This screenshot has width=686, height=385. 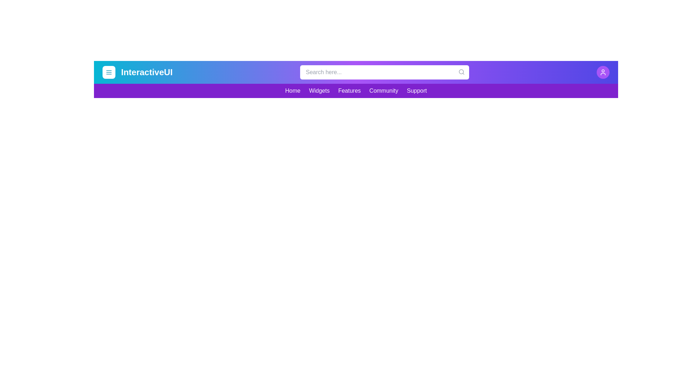 What do you see at coordinates (461, 72) in the screenshot?
I see `the search icon located at the right edge of the search bar` at bounding box center [461, 72].